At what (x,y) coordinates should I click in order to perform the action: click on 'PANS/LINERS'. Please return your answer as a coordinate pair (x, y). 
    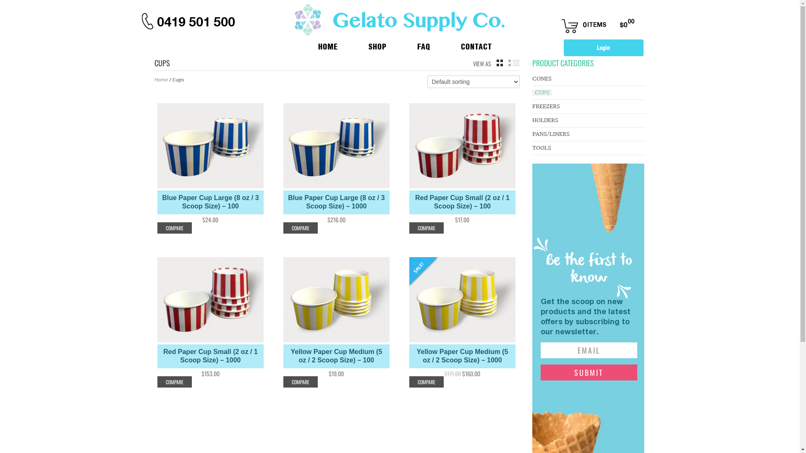
    Looking at the image, I should click on (531, 133).